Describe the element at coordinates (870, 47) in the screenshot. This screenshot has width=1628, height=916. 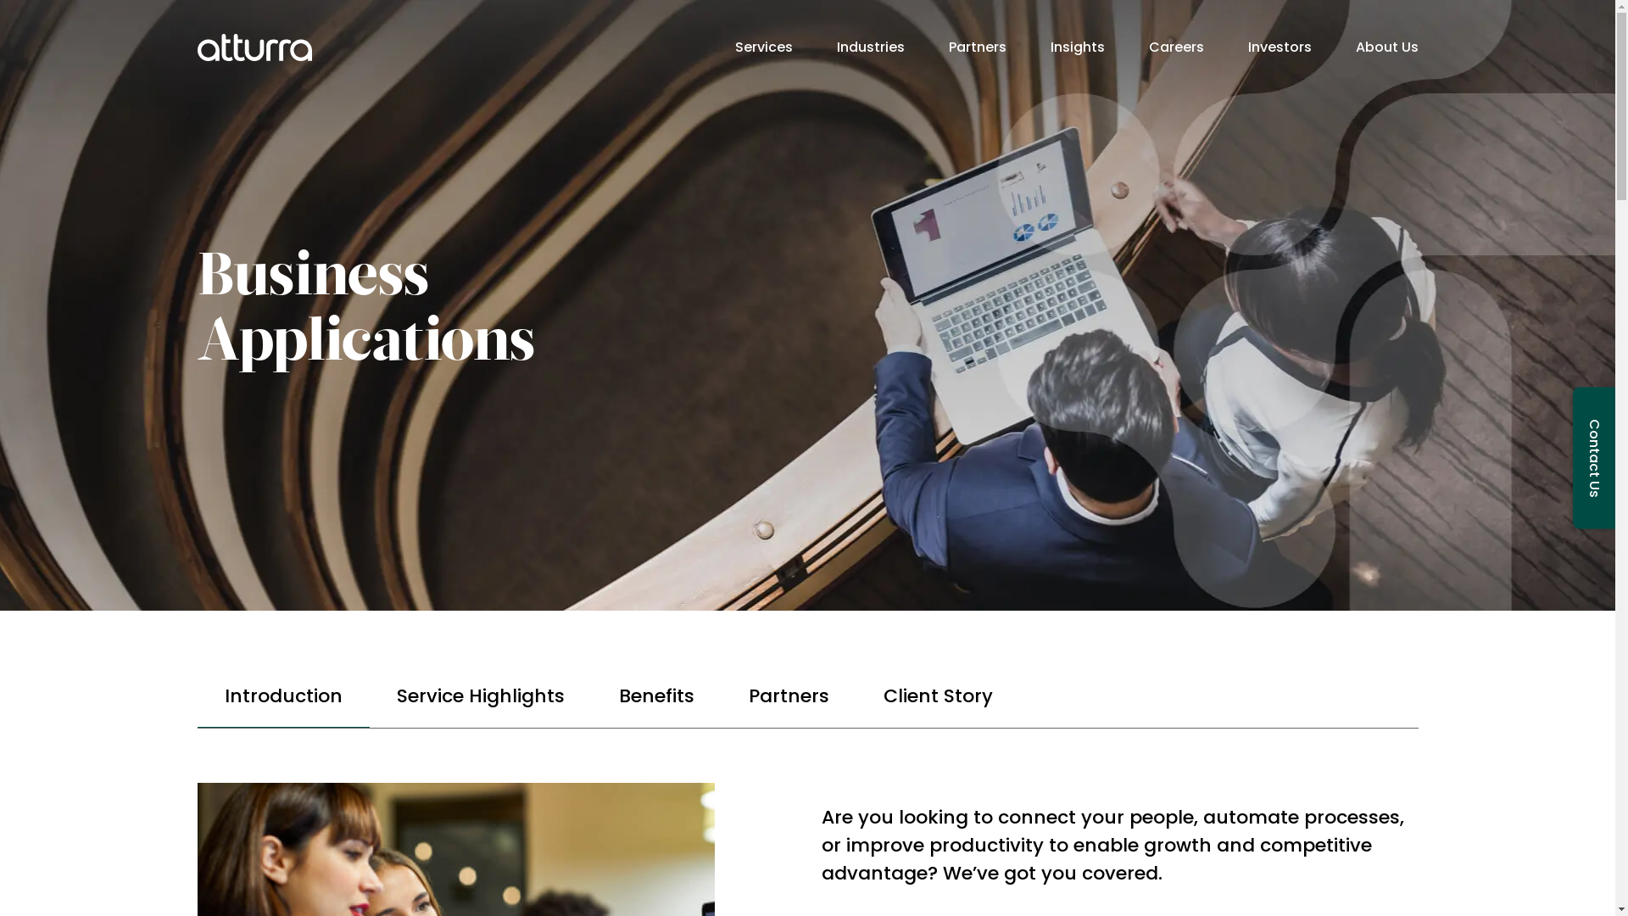
I see `'Industries'` at that location.